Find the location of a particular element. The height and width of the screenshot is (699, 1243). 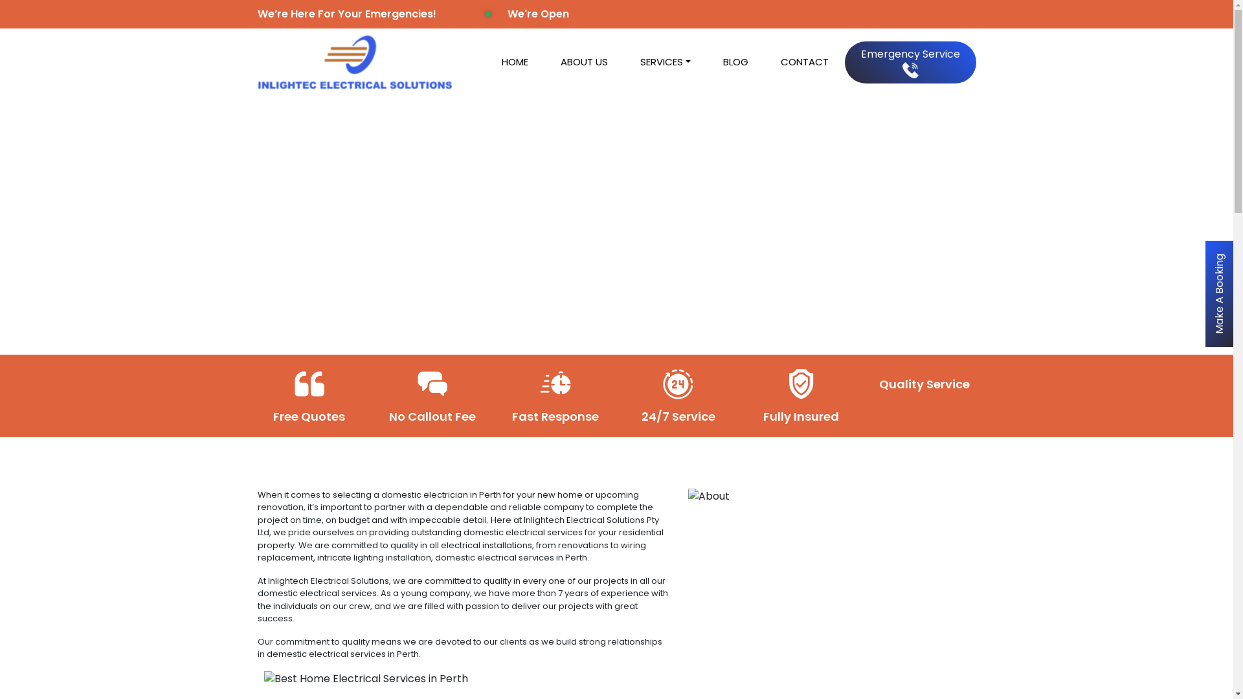

'BLOG' is located at coordinates (706, 62).